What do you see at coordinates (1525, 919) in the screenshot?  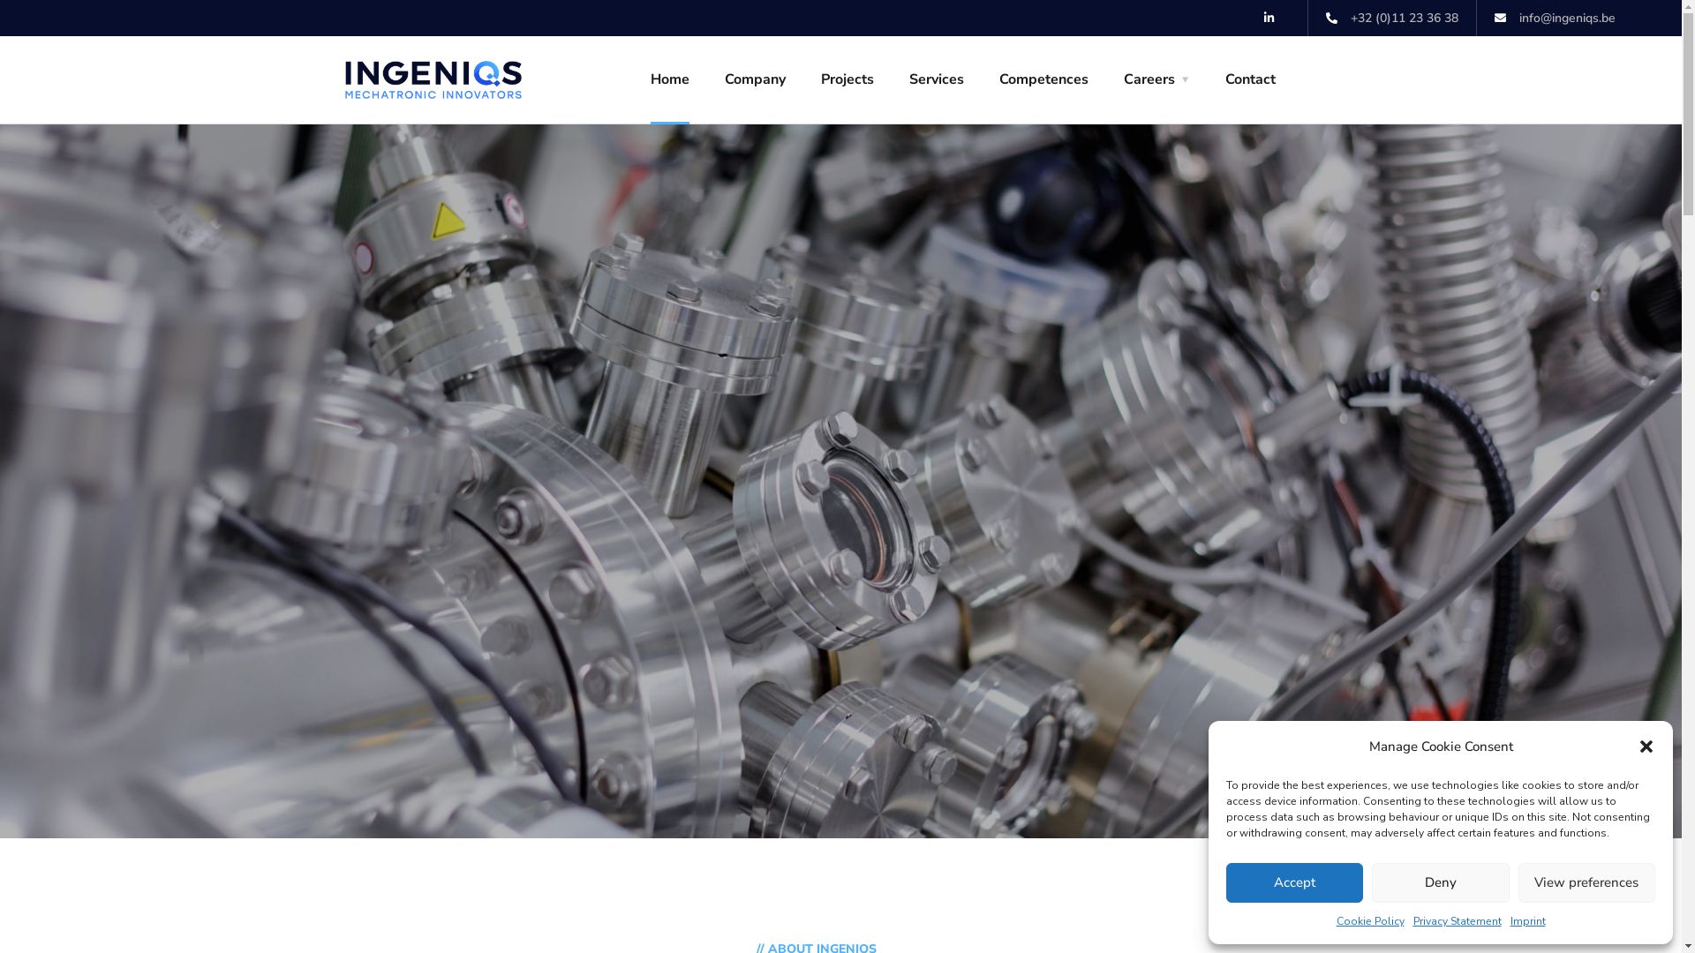 I see `'Imprint'` at bounding box center [1525, 919].